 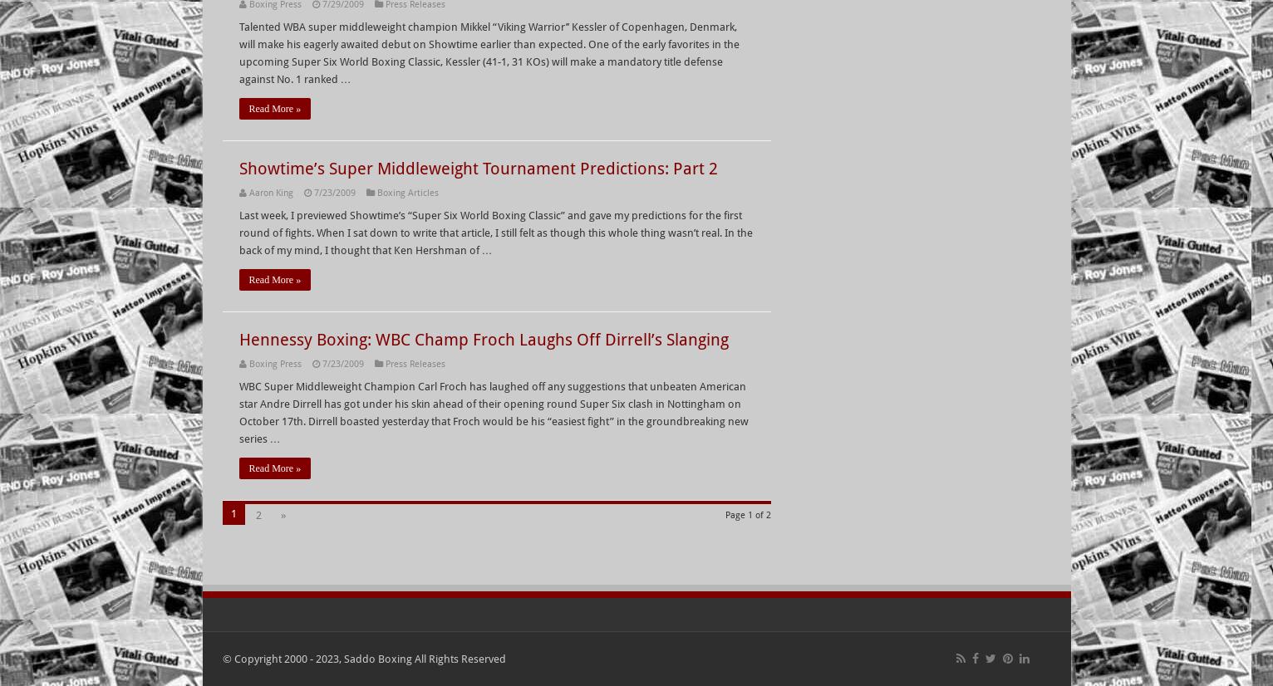 I want to click on 'Hennessy Boxing: WBC Champ Froch Laughs Off Dirrell’s Slanging', so click(x=483, y=339).